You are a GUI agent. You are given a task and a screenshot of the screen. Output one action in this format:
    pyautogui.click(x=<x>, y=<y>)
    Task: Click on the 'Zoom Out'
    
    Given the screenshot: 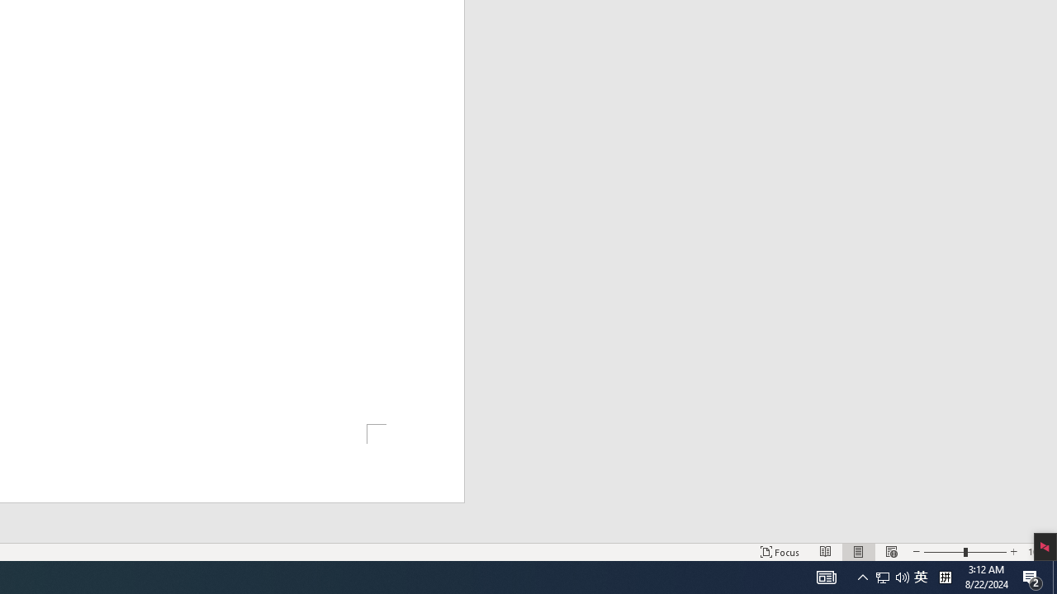 What is the action you would take?
    pyautogui.click(x=944, y=552)
    